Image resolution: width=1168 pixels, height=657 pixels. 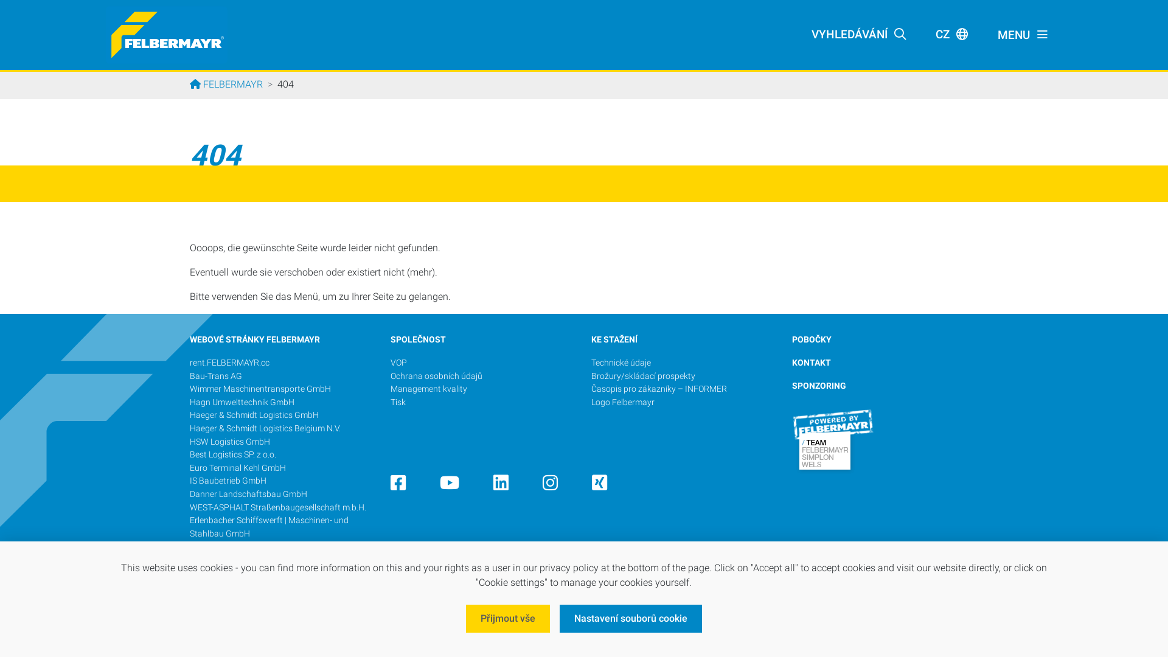 What do you see at coordinates (228, 480) in the screenshot?
I see `'IS Baubetrieb GmbH'` at bounding box center [228, 480].